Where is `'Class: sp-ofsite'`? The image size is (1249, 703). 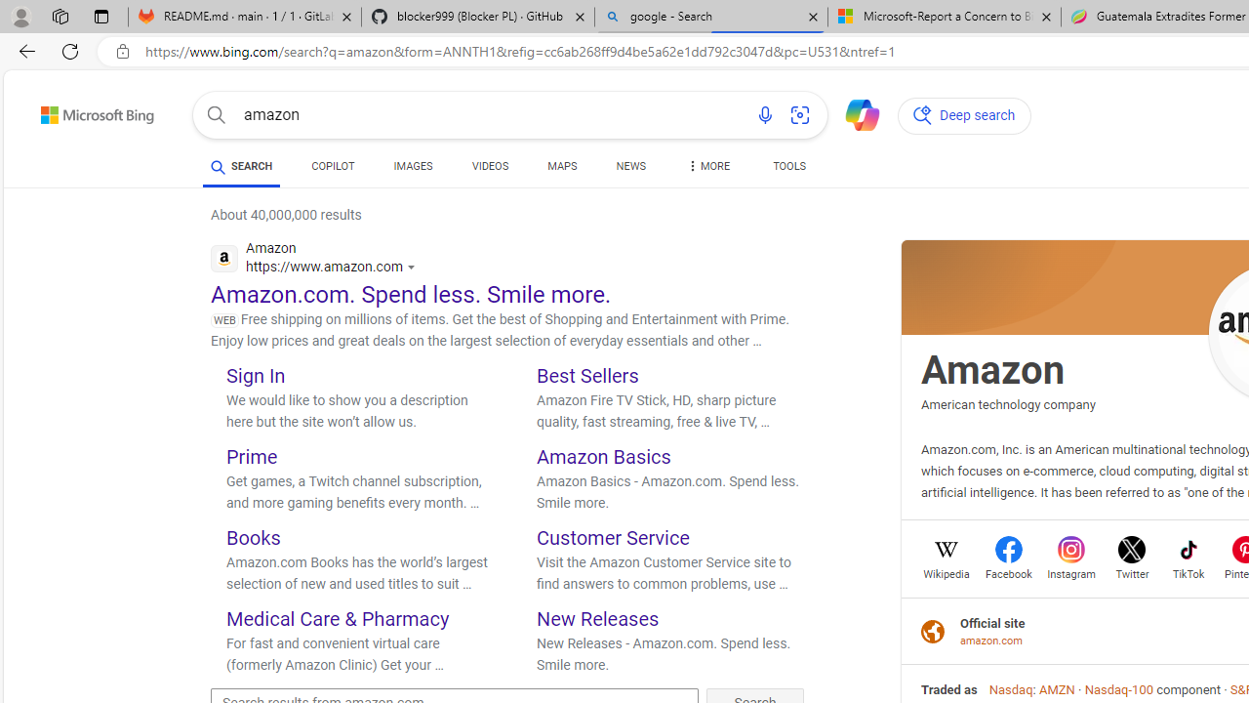 'Class: sp-ofsite' is located at coordinates (932, 631).